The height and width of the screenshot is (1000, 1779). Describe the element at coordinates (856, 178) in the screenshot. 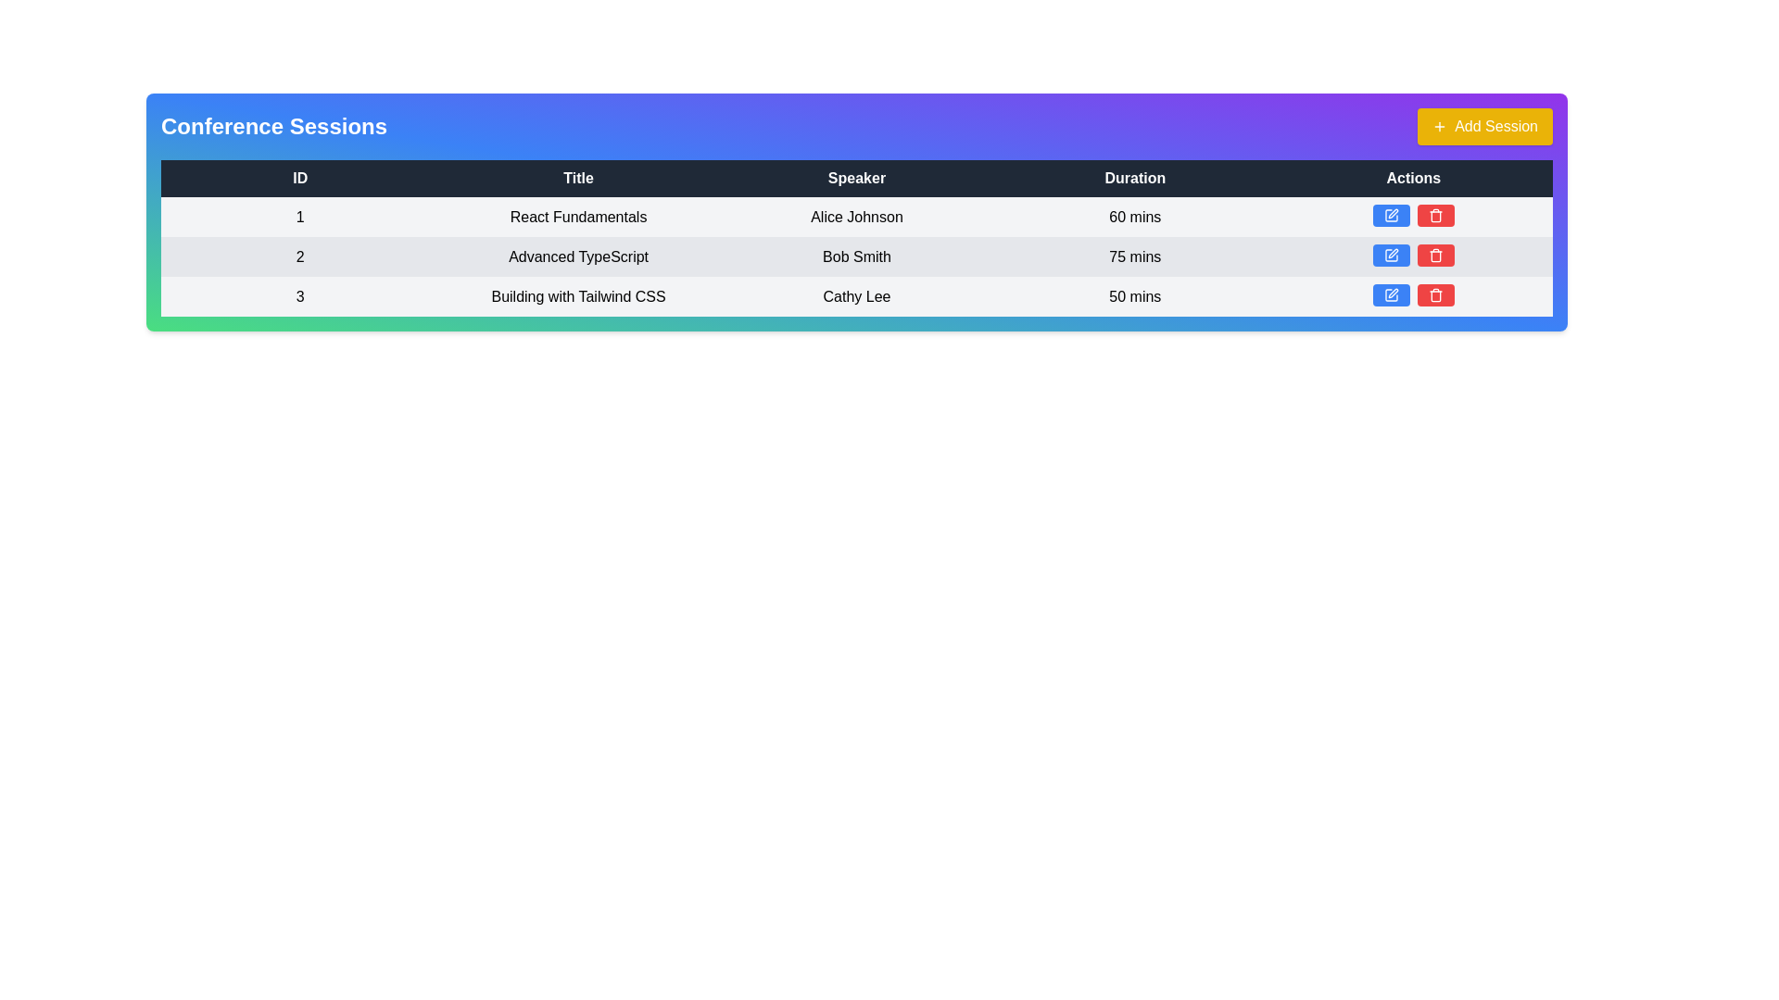

I see `the 'Speaker' header label in the table column, which indicates the names of speakers associated with the listed items` at that location.